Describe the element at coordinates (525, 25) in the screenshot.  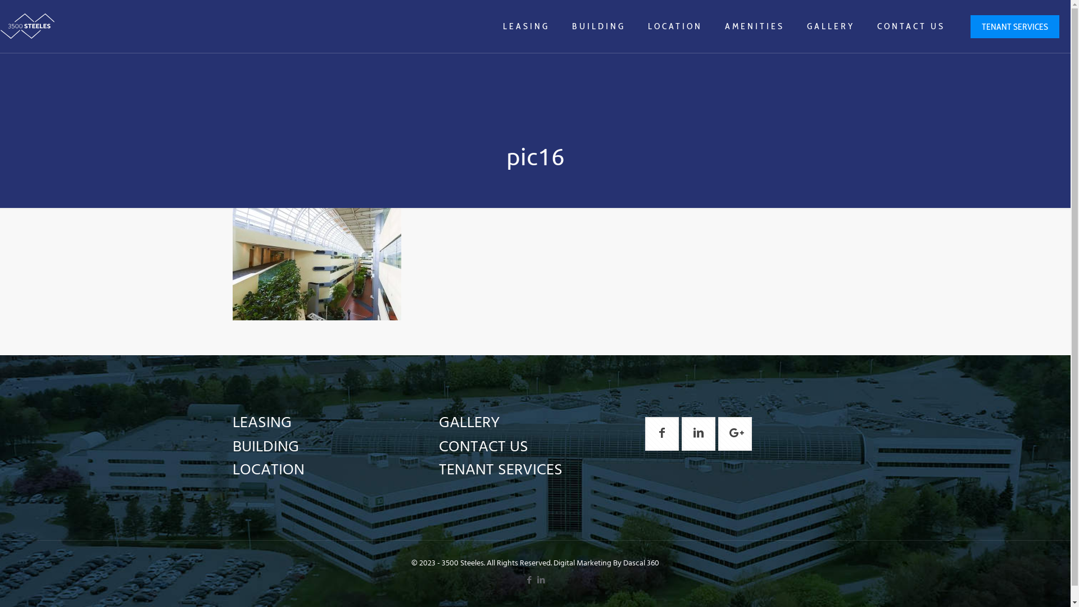
I see `'LEASING'` at that location.